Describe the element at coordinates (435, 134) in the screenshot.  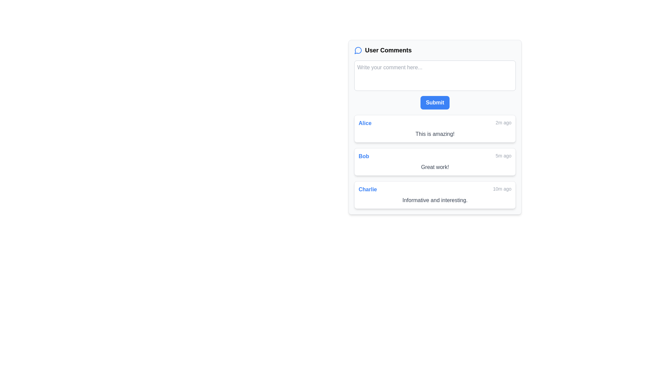
I see `comment text displayed under the subheader for 'Alice' in the 'User Comments' section, which is located above the timestamp of '2m ago'` at that location.